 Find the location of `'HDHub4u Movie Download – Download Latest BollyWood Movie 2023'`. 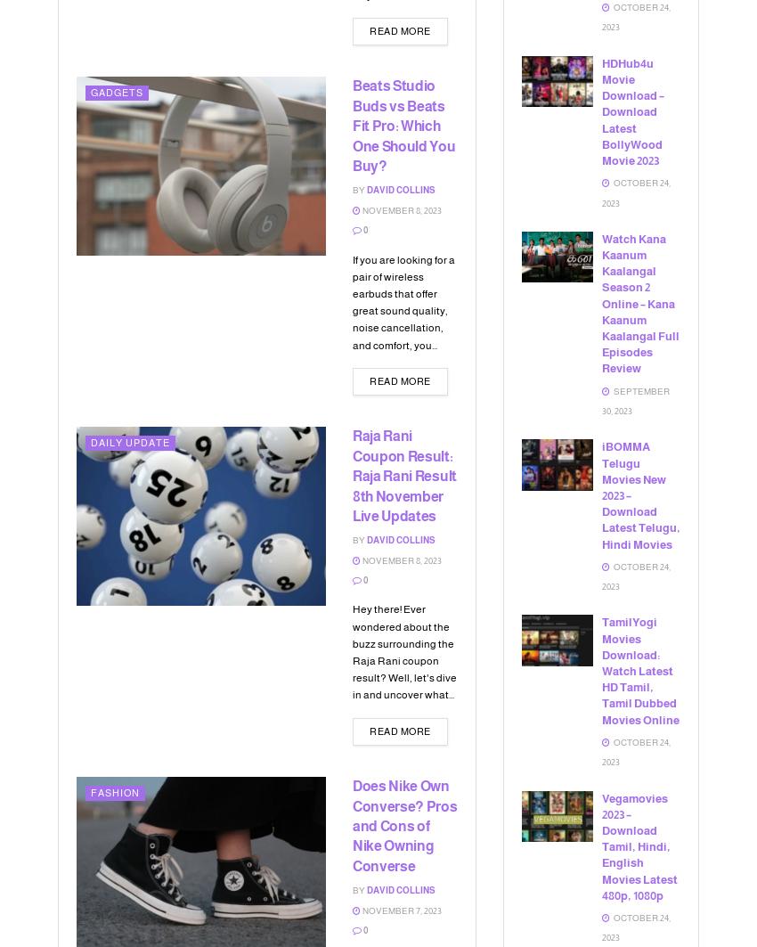

'HDHub4u Movie Download – Download Latest BollyWood Movie 2023' is located at coordinates (632, 111).